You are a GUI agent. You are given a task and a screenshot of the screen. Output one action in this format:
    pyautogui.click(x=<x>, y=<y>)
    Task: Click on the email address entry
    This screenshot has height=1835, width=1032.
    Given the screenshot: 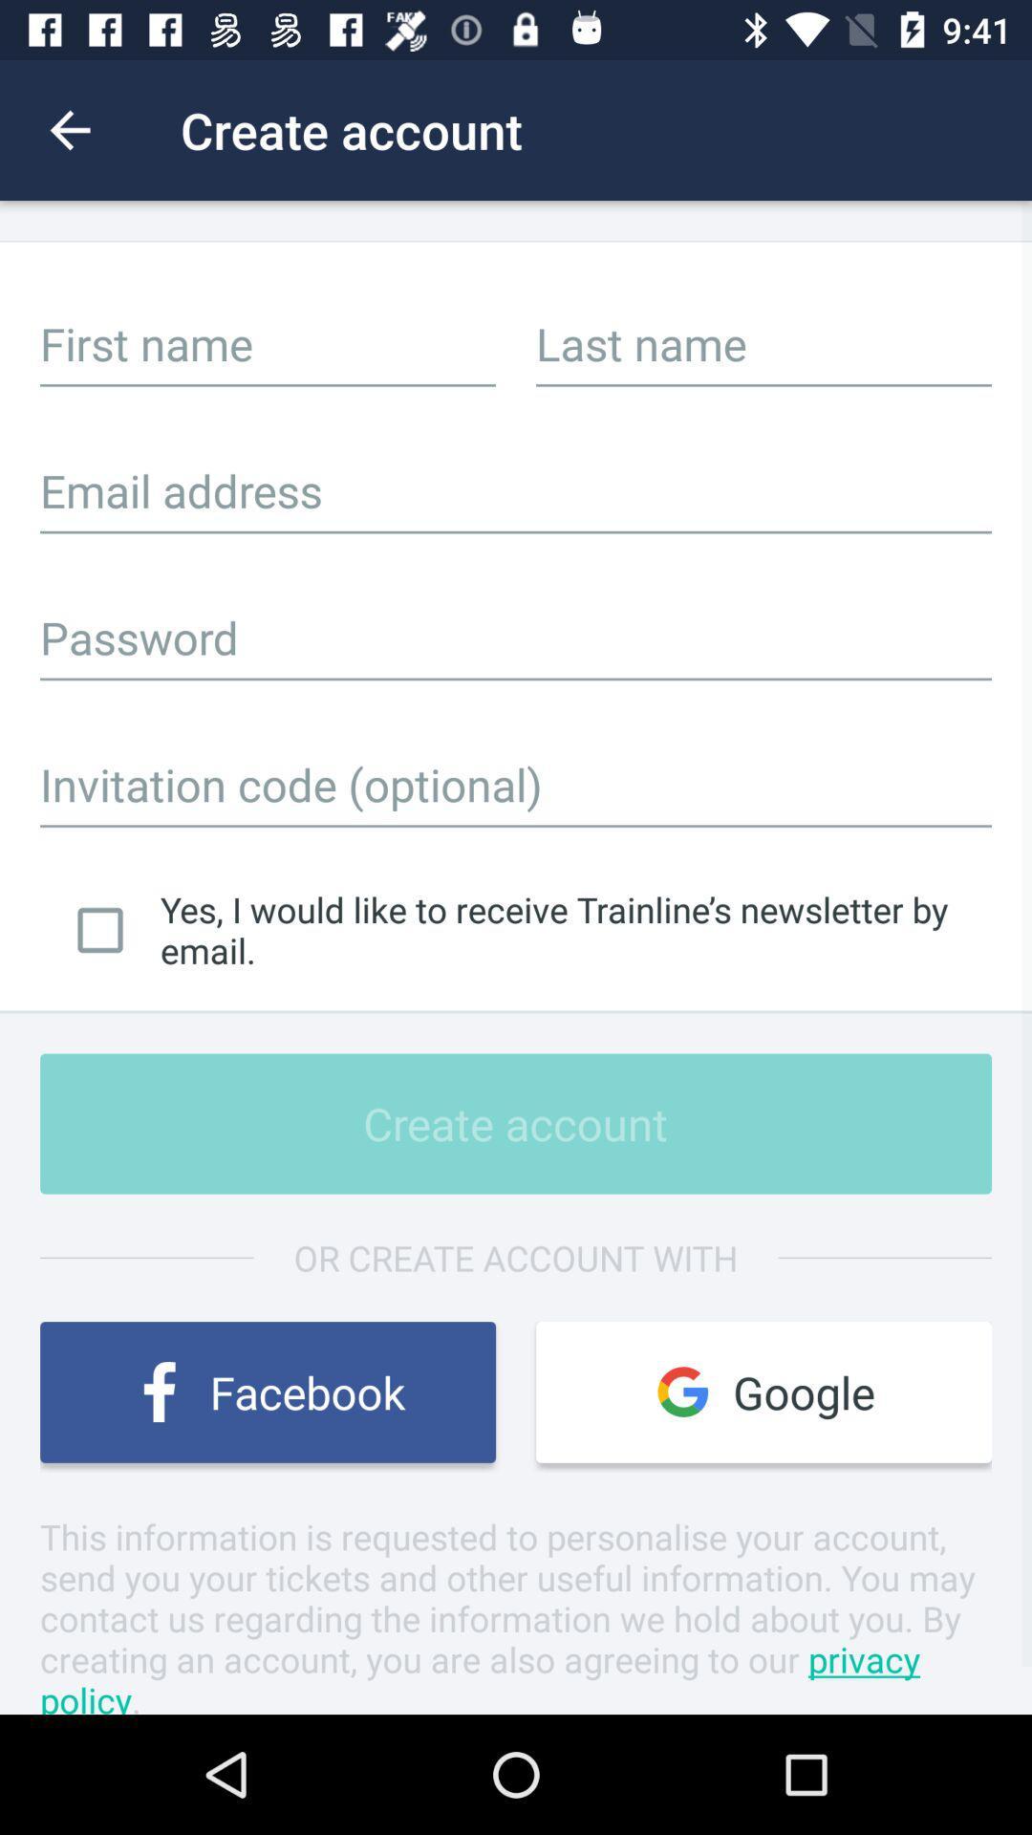 What is the action you would take?
    pyautogui.click(x=516, y=490)
    